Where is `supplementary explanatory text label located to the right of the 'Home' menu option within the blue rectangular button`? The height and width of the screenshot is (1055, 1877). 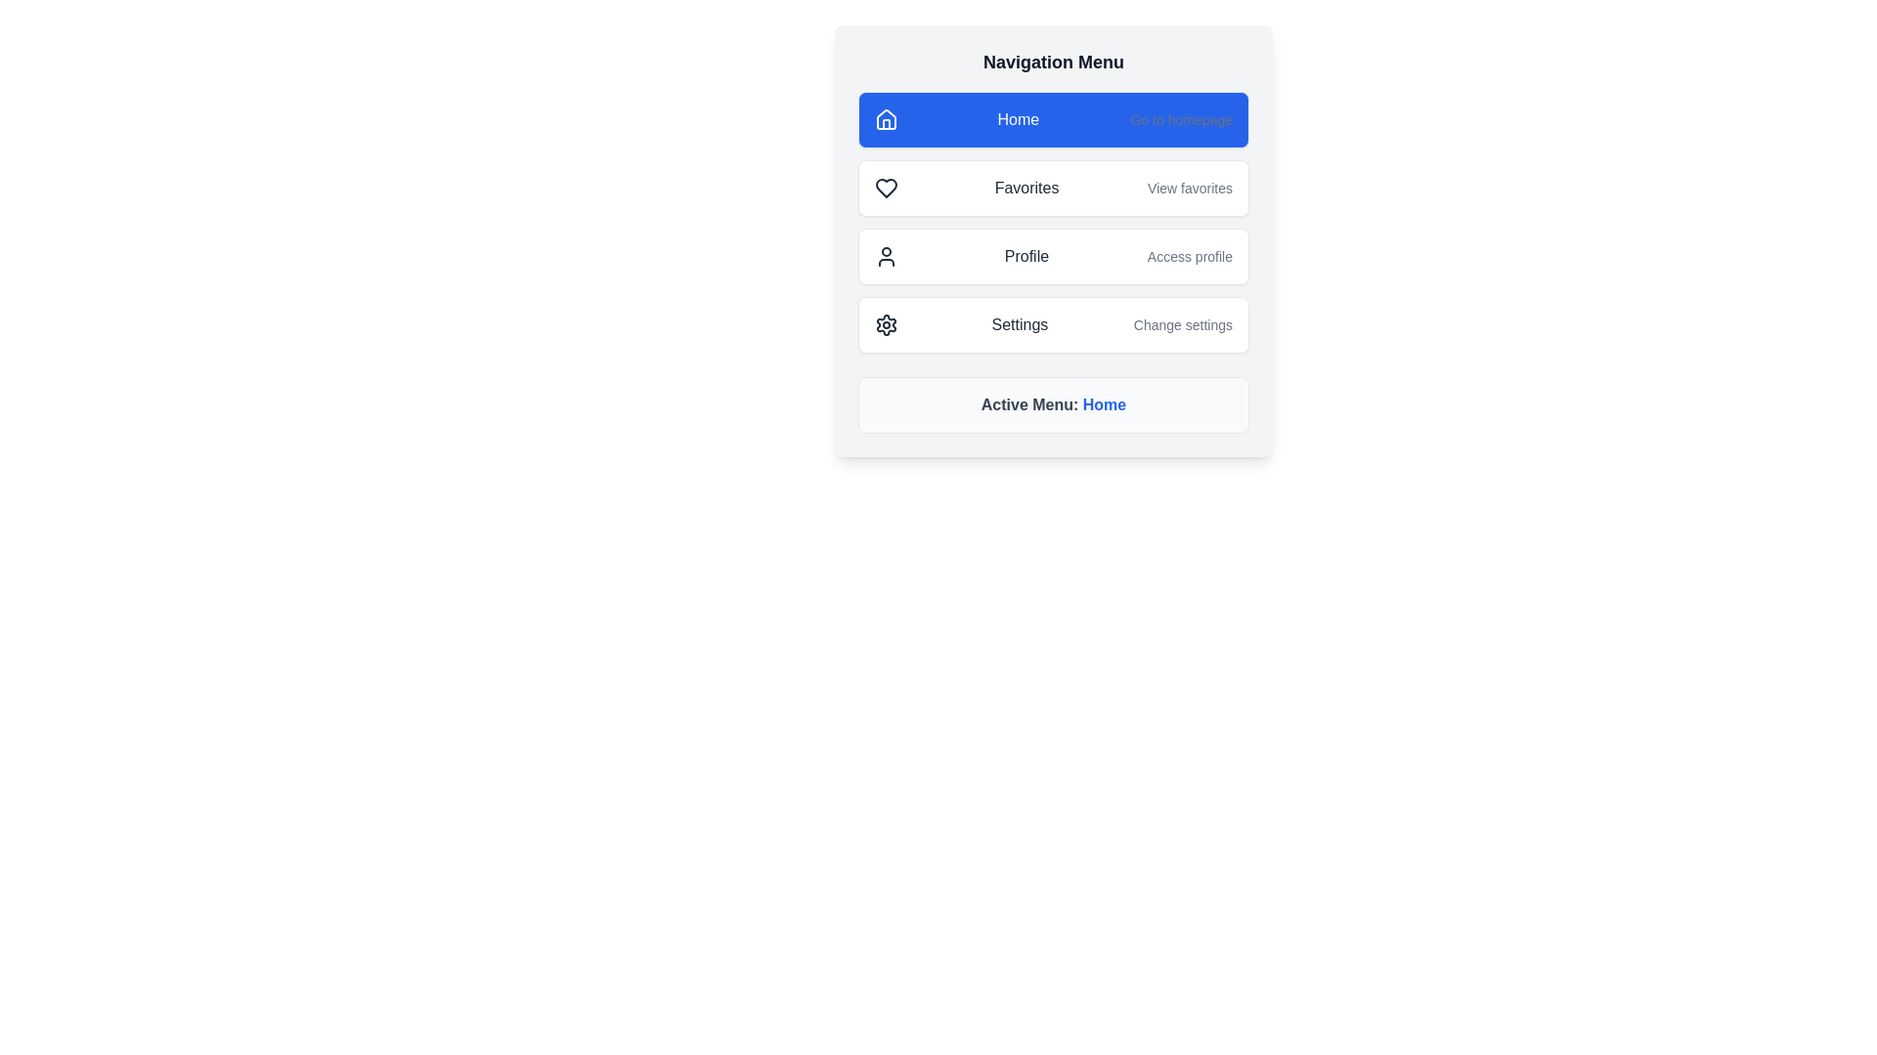
supplementary explanatory text label located to the right of the 'Home' menu option within the blue rectangular button is located at coordinates (1180, 120).